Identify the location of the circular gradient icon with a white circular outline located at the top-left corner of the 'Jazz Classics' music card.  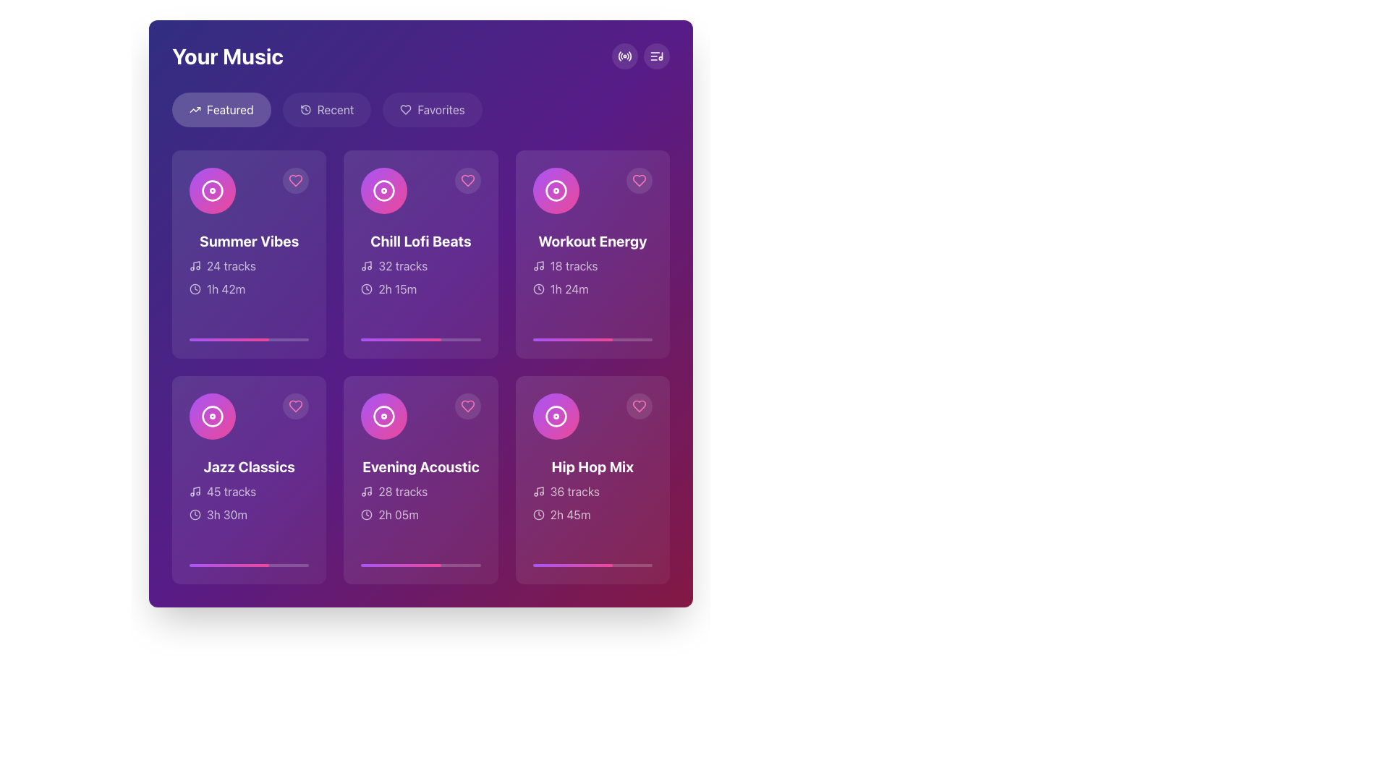
(211, 416).